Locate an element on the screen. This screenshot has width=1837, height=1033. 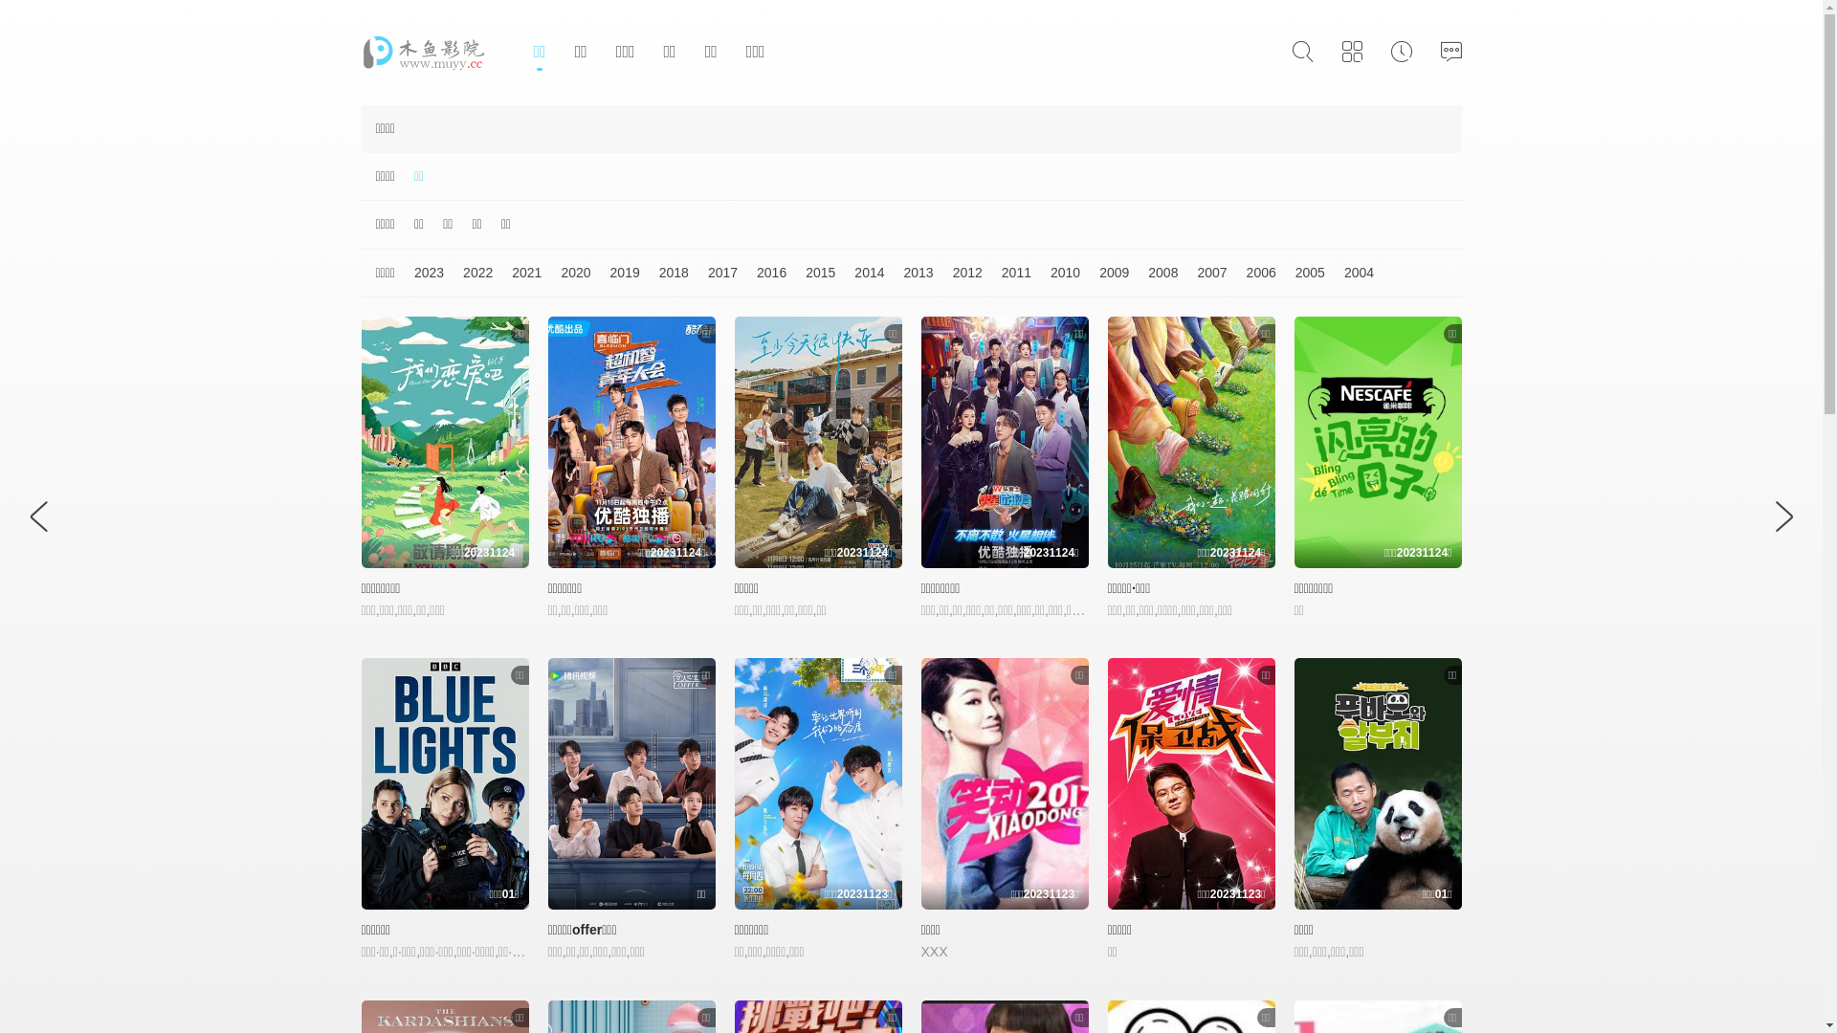
'2018' is located at coordinates (664, 273).